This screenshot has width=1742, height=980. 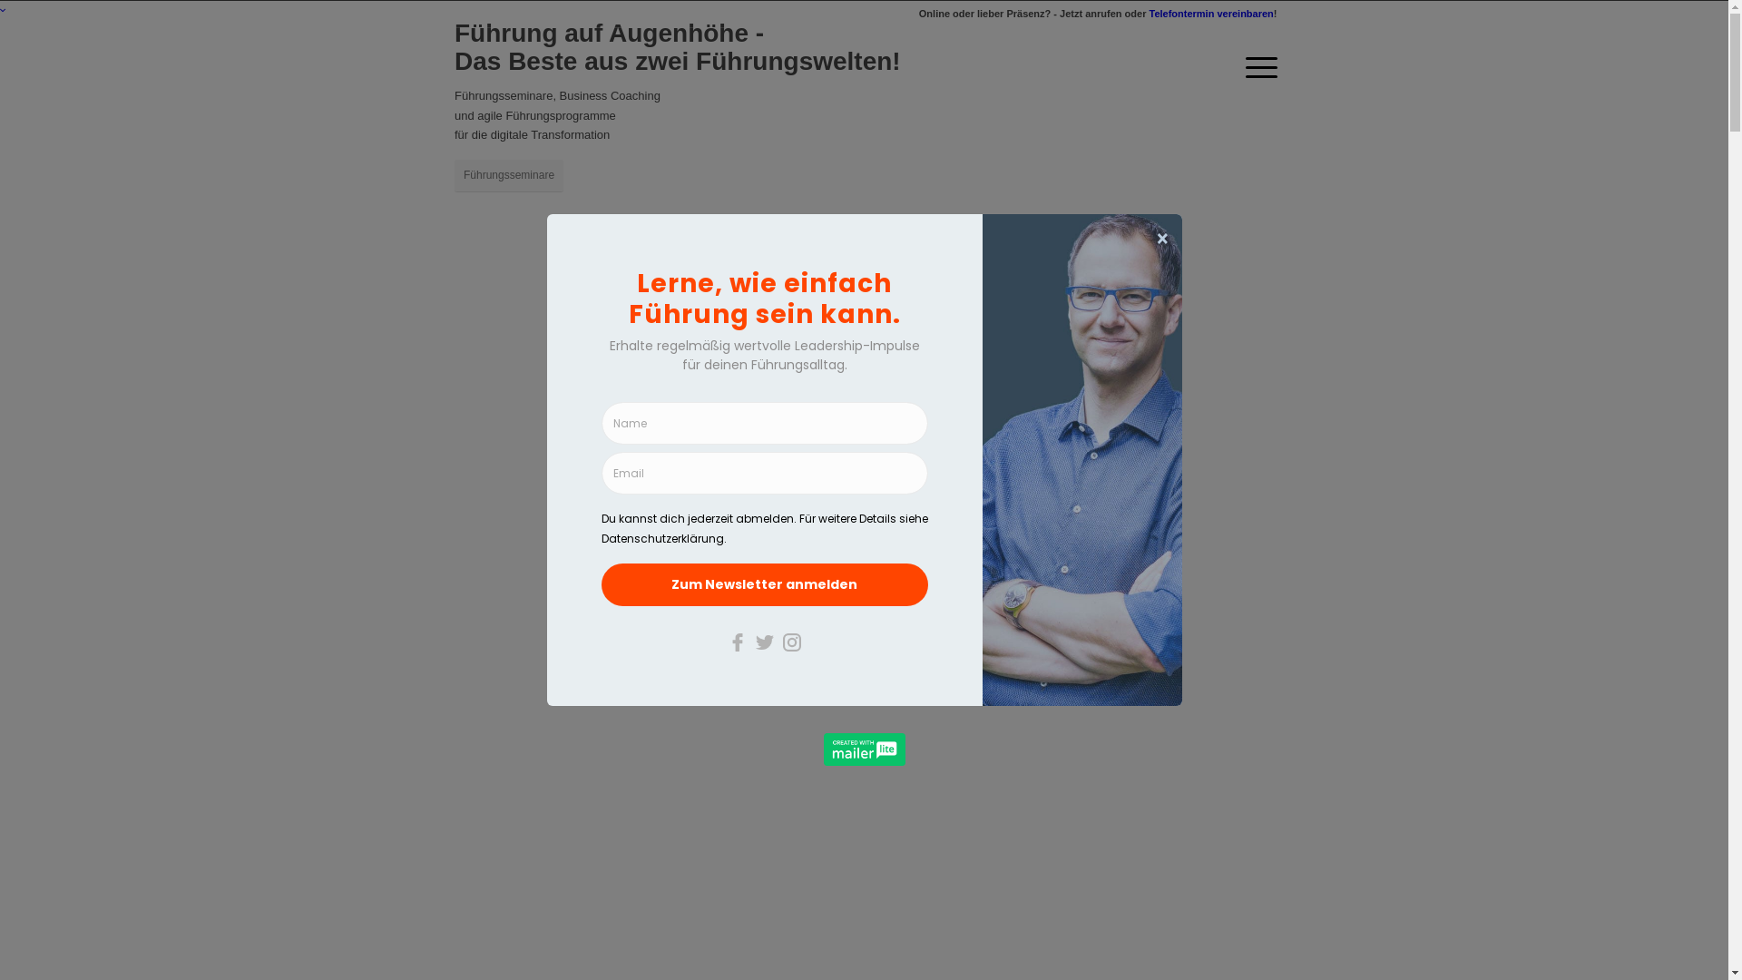 What do you see at coordinates (1148, 14) in the screenshot?
I see `'Telefontermin vereinbaren'` at bounding box center [1148, 14].